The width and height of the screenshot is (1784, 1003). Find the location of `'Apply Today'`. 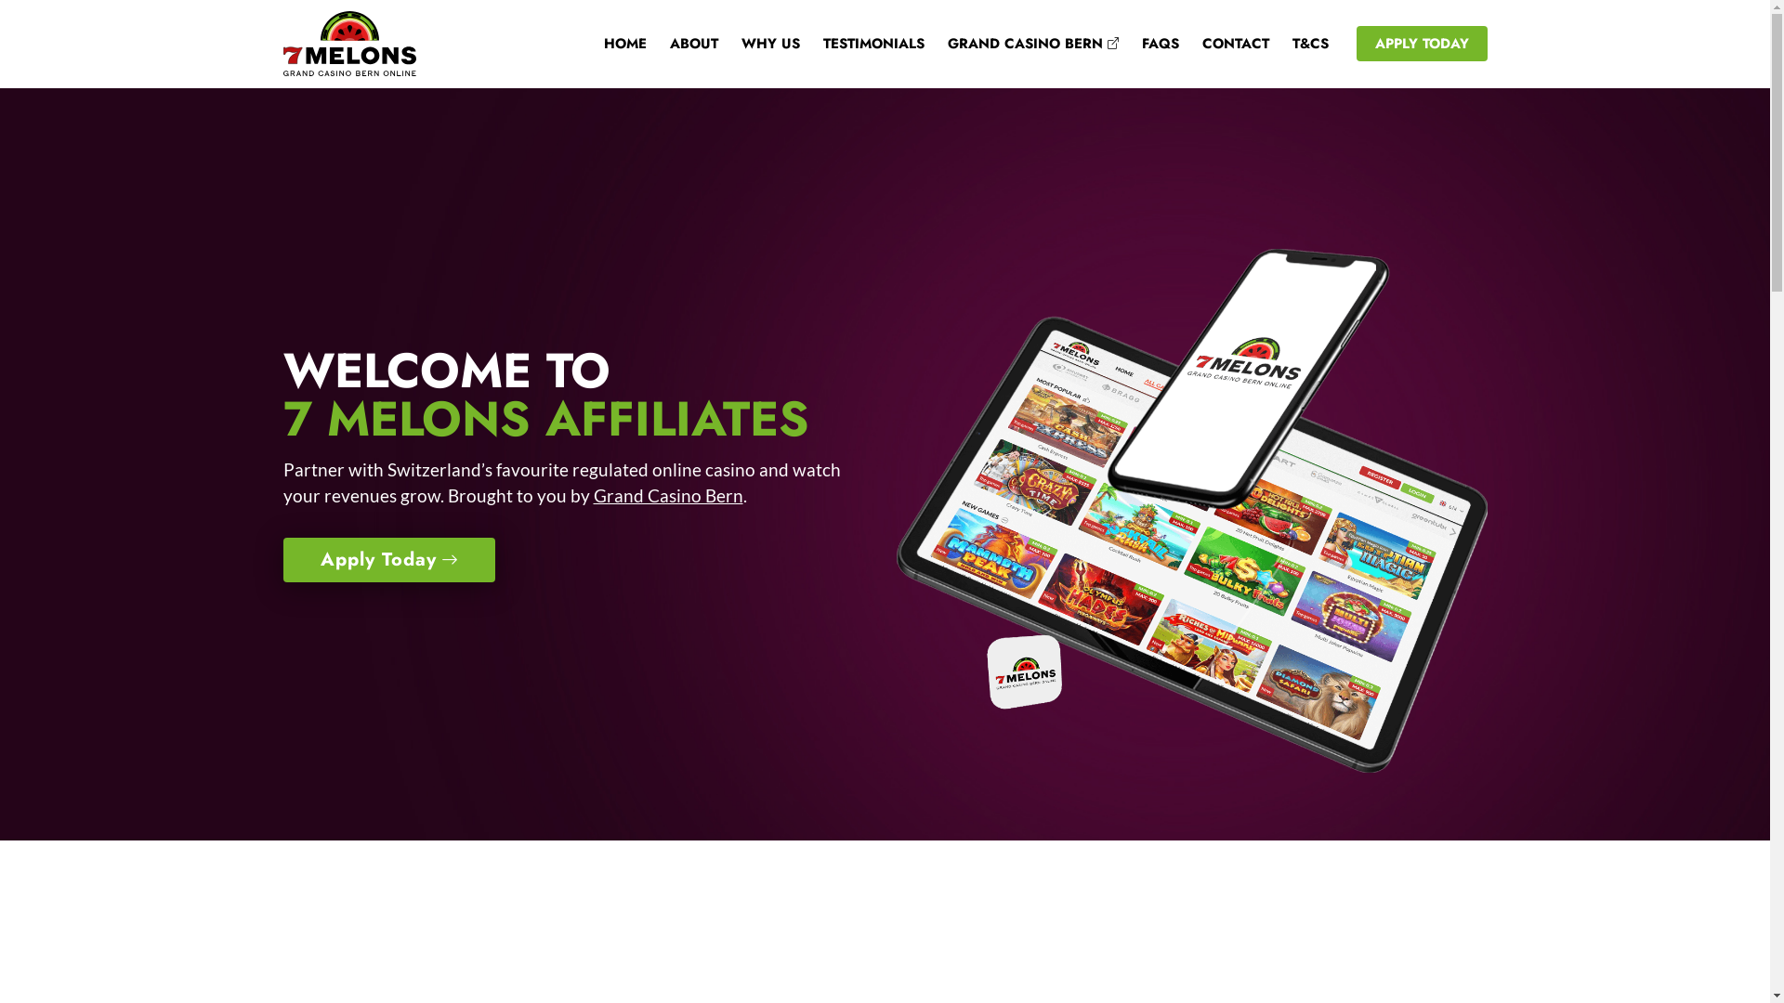

'Apply Today' is located at coordinates (281, 558).